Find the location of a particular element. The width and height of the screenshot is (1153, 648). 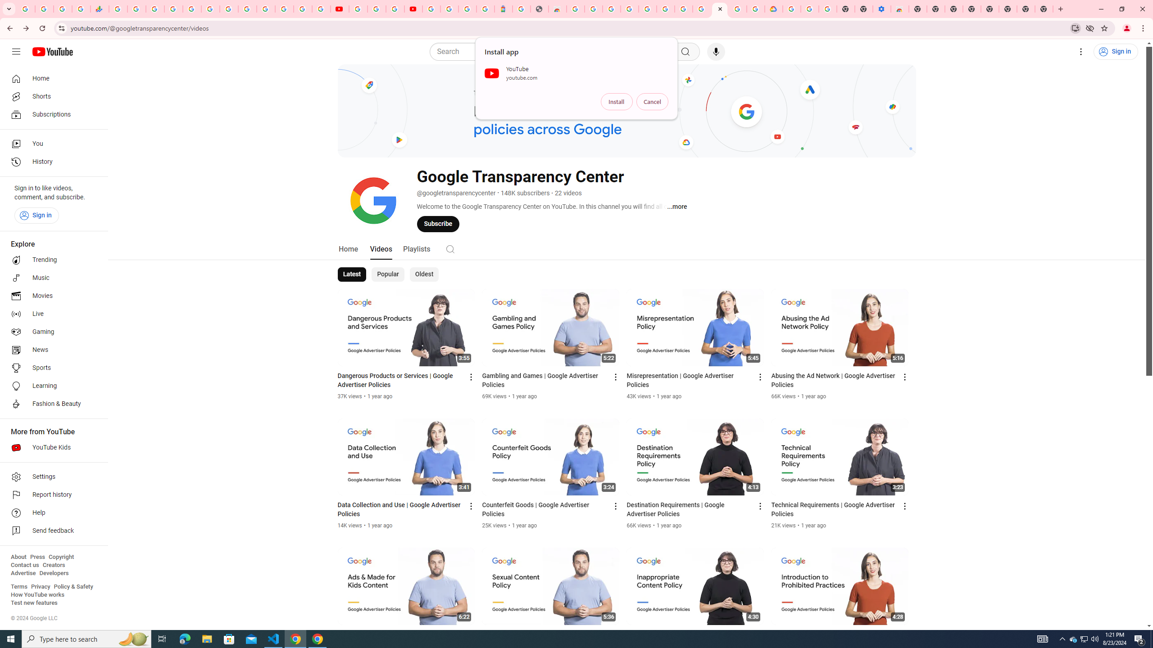

'Oldest' is located at coordinates (423, 274).